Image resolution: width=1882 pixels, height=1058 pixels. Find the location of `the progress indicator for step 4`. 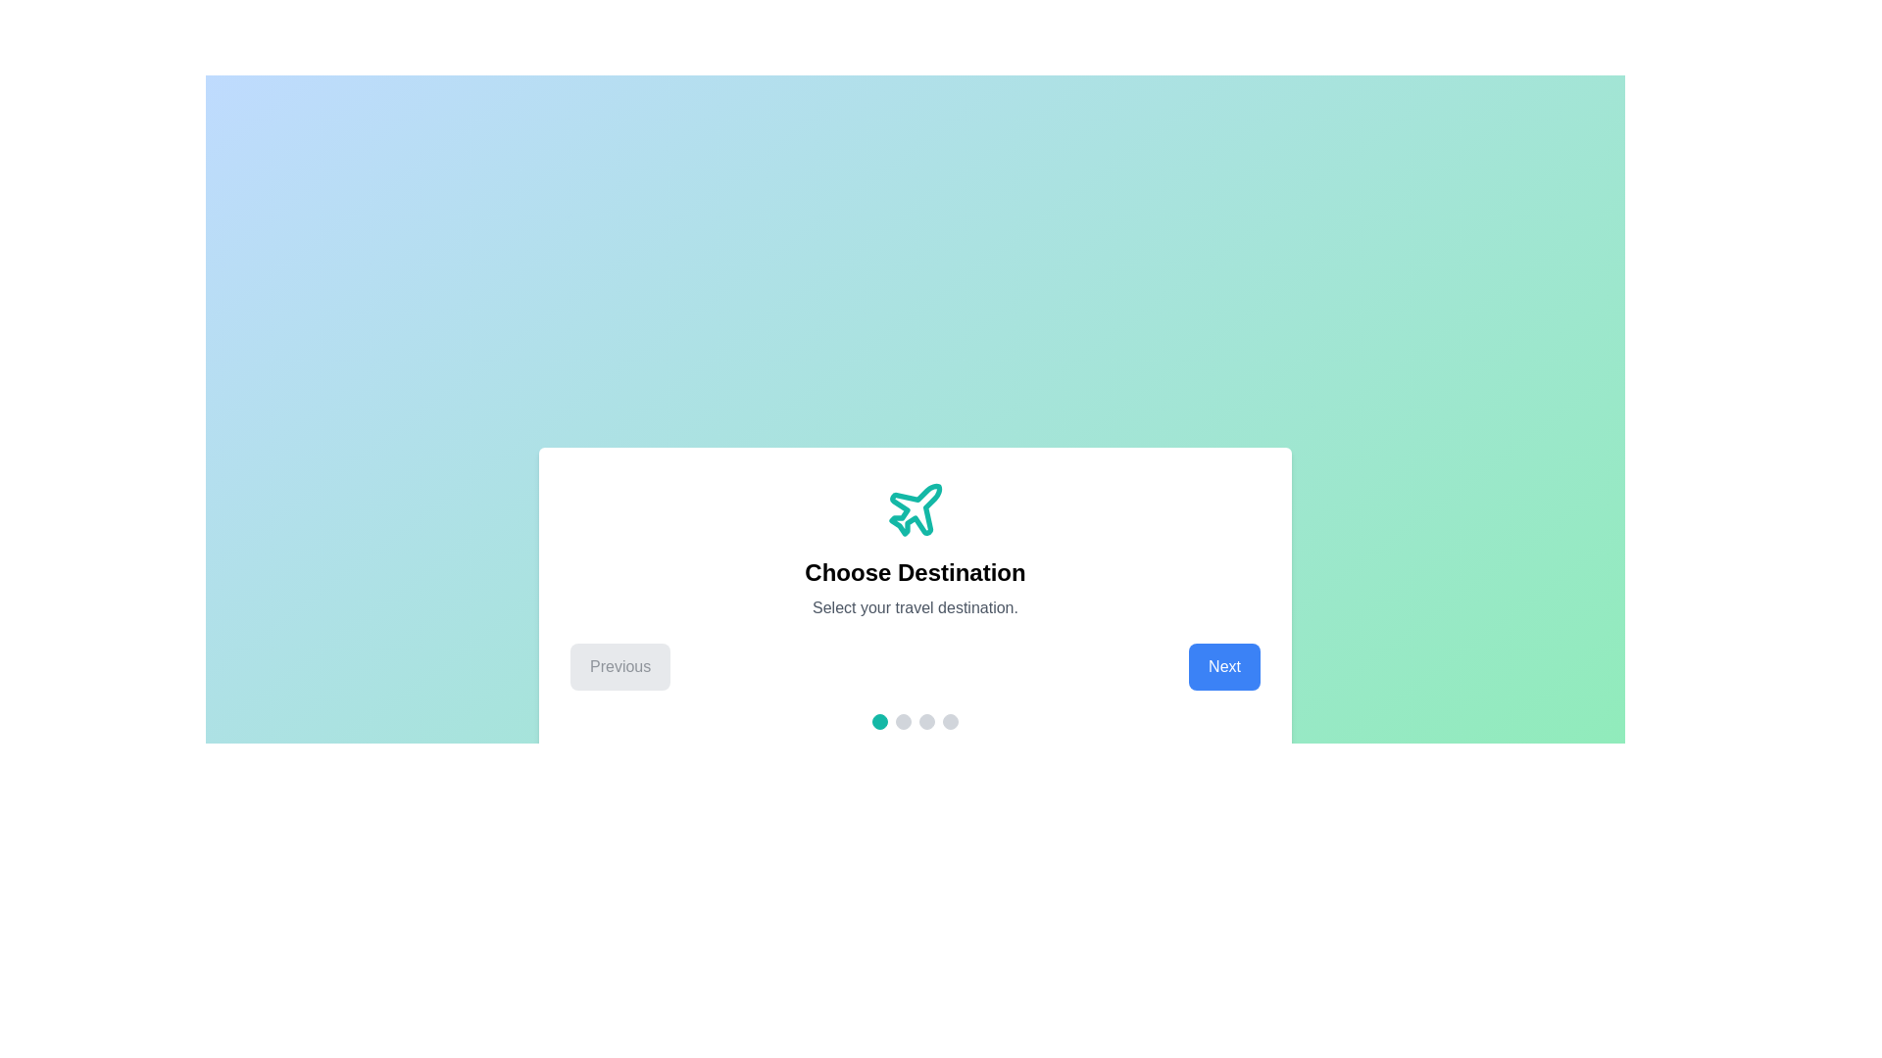

the progress indicator for step 4 is located at coordinates (950, 721).